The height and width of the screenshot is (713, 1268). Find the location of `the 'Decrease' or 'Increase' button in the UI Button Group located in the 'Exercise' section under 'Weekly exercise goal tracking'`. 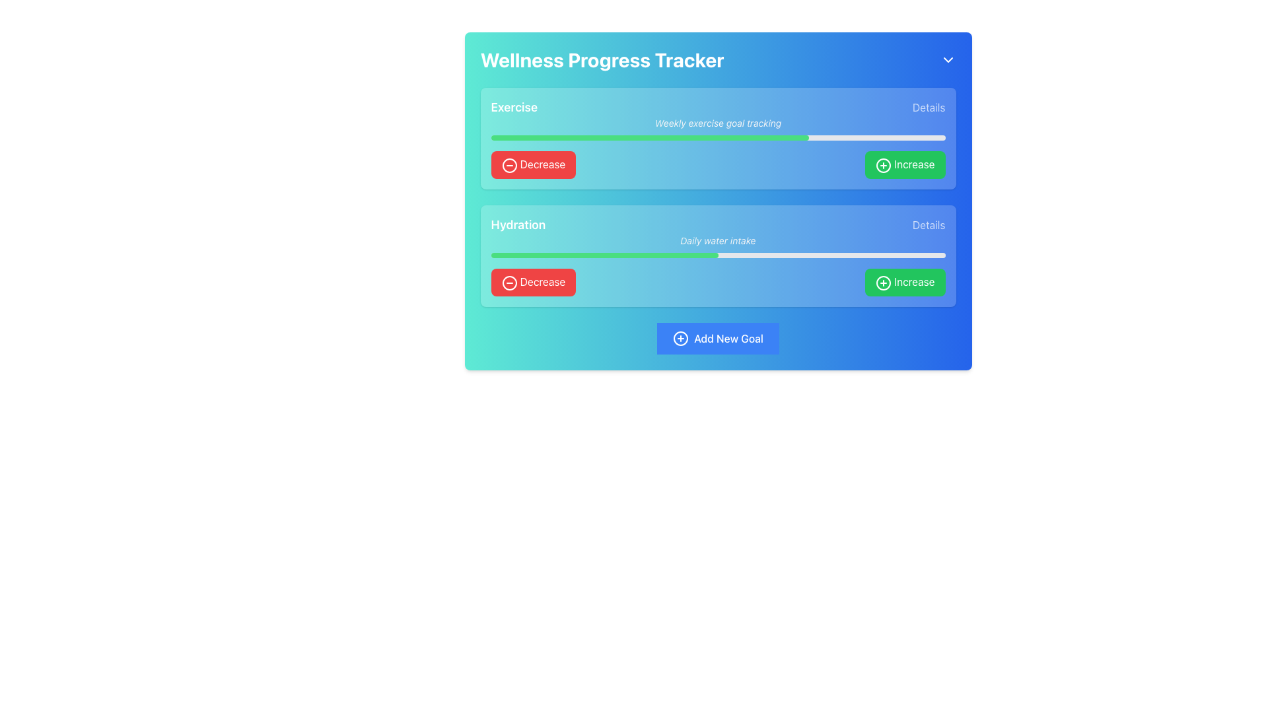

the 'Decrease' or 'Increase' button in the UI Button Group located in the 'Exercise' section under 'Weekly exercise goal tracking' is located at coordinates (717, 164).